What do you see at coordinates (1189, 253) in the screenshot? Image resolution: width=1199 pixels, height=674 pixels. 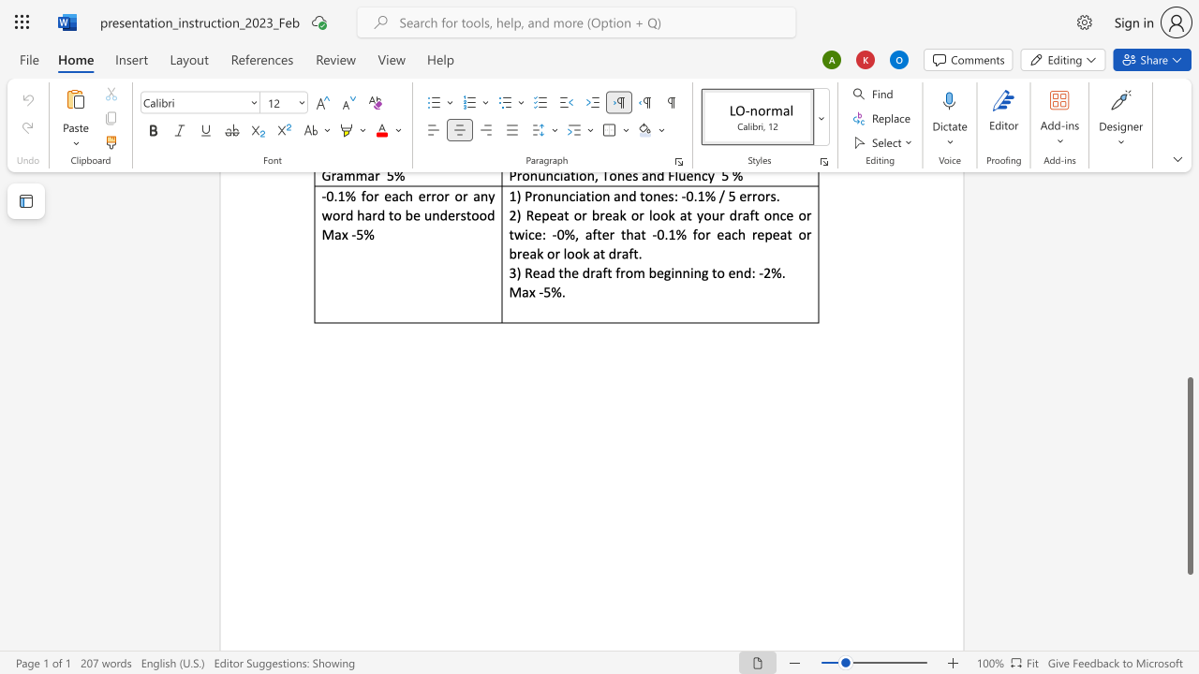 I see `the scrollbar on the right to move the page upward` at bounding box center [1189, 253].